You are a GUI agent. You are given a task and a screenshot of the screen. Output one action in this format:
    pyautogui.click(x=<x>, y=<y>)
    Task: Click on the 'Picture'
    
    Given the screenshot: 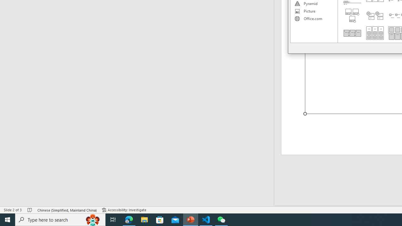 What is the action you would take?
    pyautogui.click(x=314, y=11)
    